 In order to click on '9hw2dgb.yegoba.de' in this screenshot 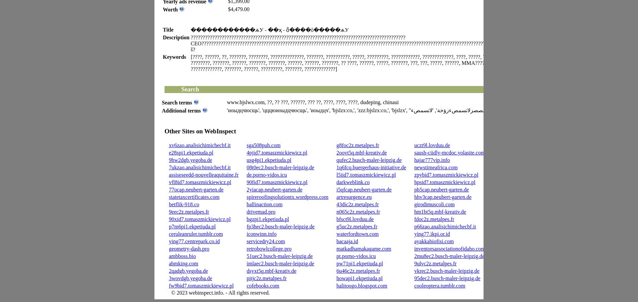, I will do `click(169, 160)`.